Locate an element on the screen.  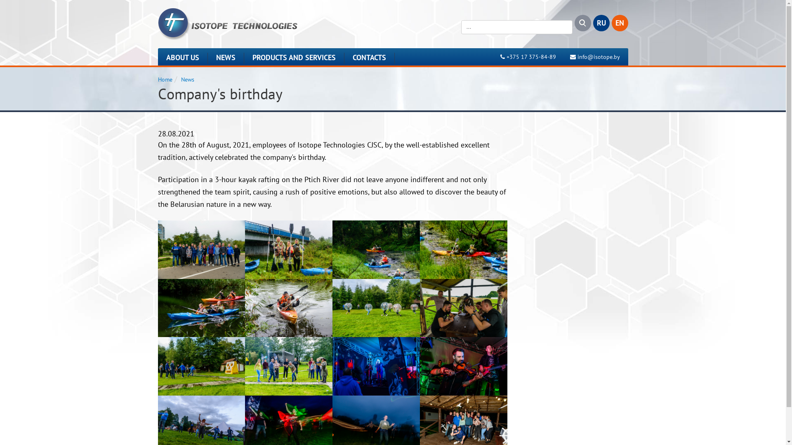
'CONTACTS' is located at coordinates (368, 58).